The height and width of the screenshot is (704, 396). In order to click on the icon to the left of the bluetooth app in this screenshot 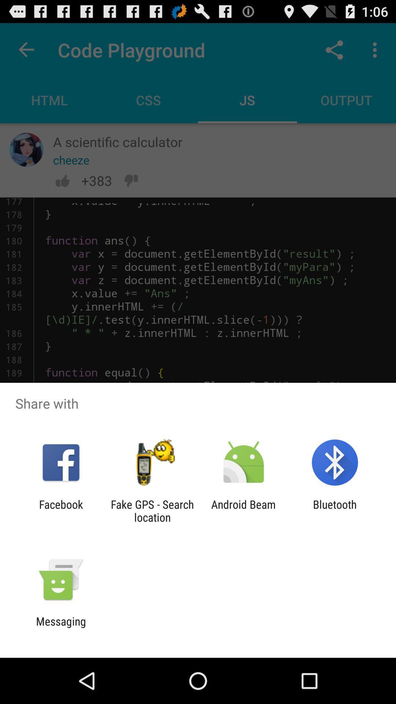, I will do `click(243, 510)`.